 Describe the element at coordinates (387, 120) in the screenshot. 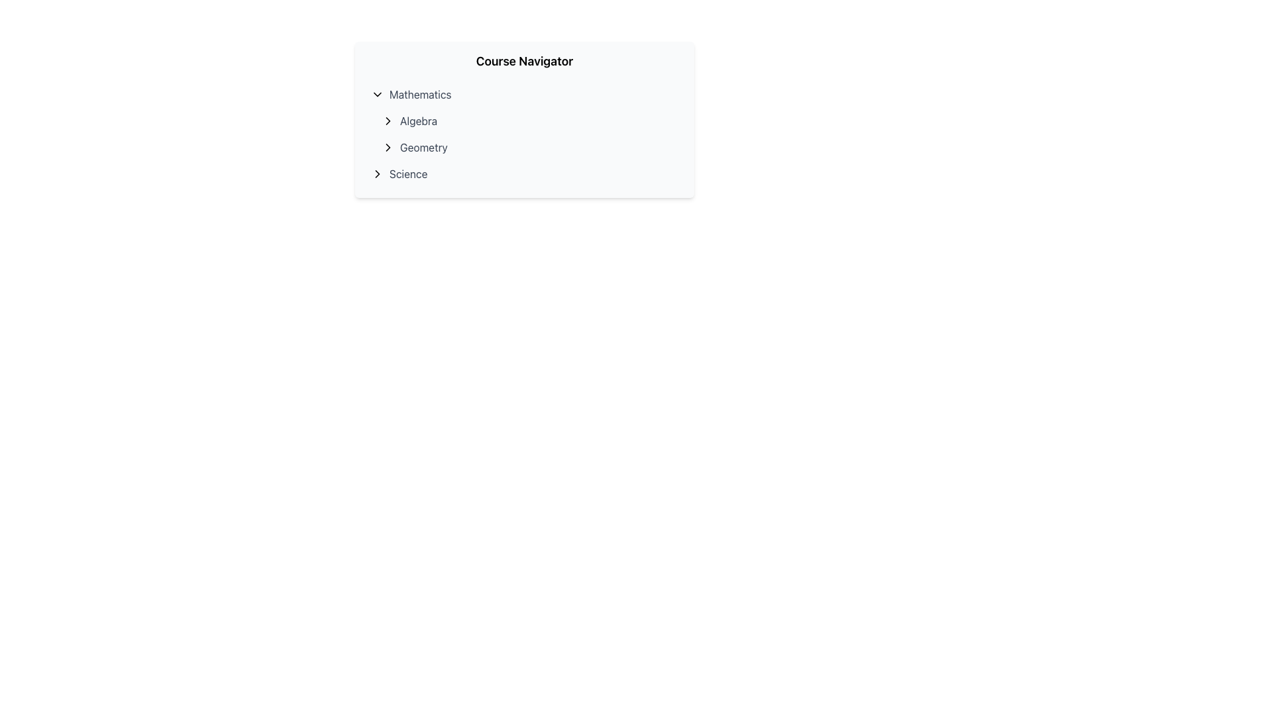

I see `the chevron arrow icon located to the immediate left of the 'Algebra' text in the Course Navigator` at that location.